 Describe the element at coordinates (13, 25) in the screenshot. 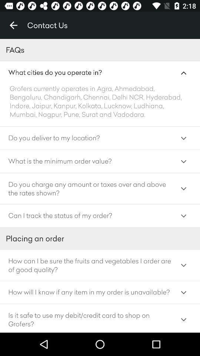

I see `item above the faqs` at that location.